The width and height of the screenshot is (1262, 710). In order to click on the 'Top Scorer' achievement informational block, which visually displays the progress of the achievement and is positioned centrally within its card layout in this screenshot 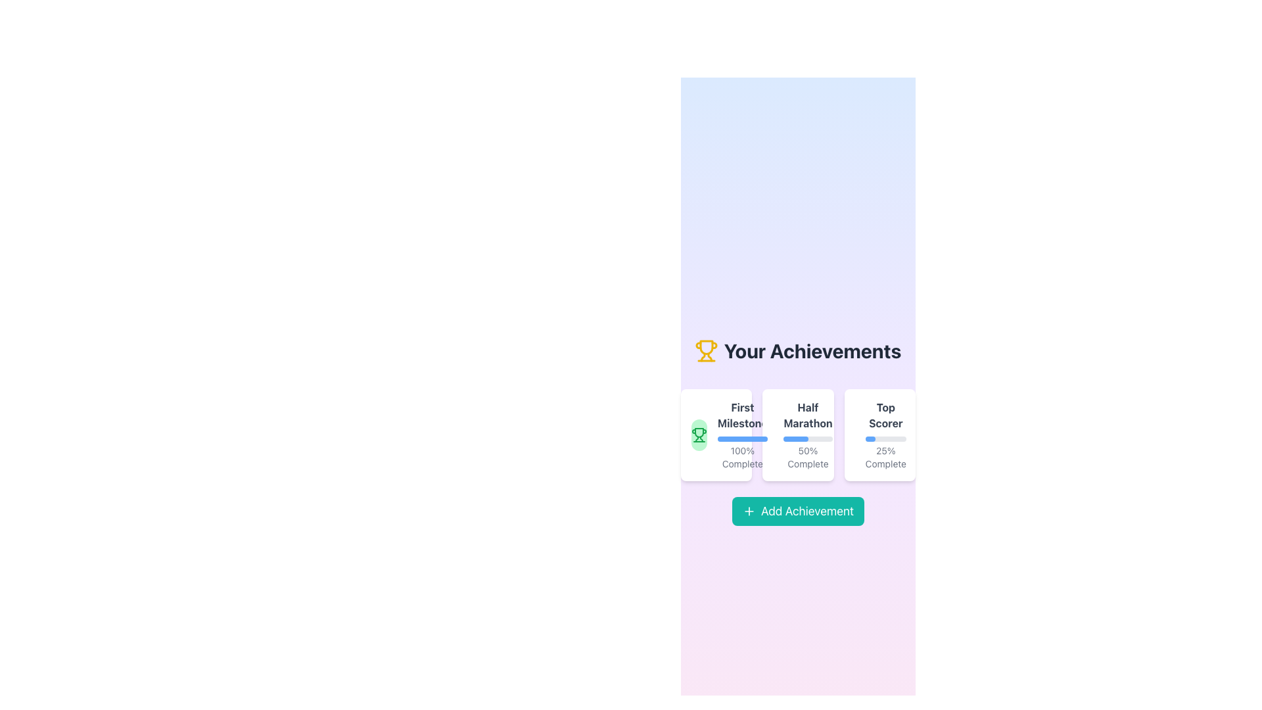, I will do `click(885, 435)`.